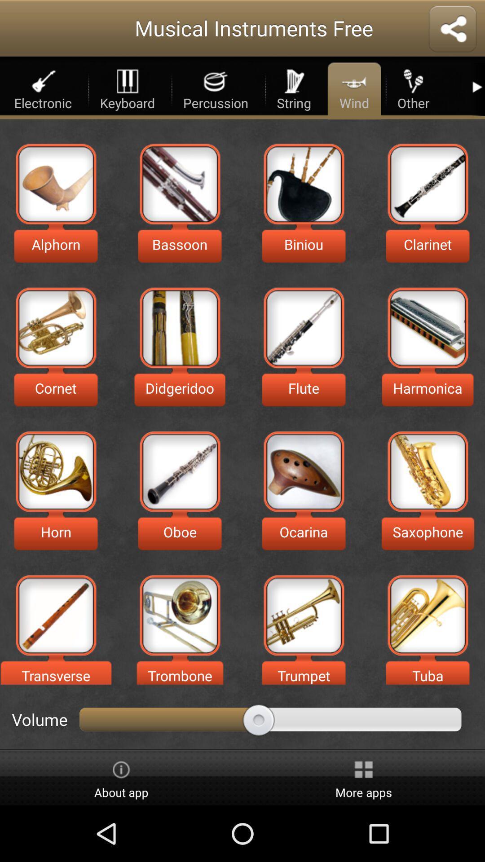  I want to click on cornet sound, so click(56, 327).